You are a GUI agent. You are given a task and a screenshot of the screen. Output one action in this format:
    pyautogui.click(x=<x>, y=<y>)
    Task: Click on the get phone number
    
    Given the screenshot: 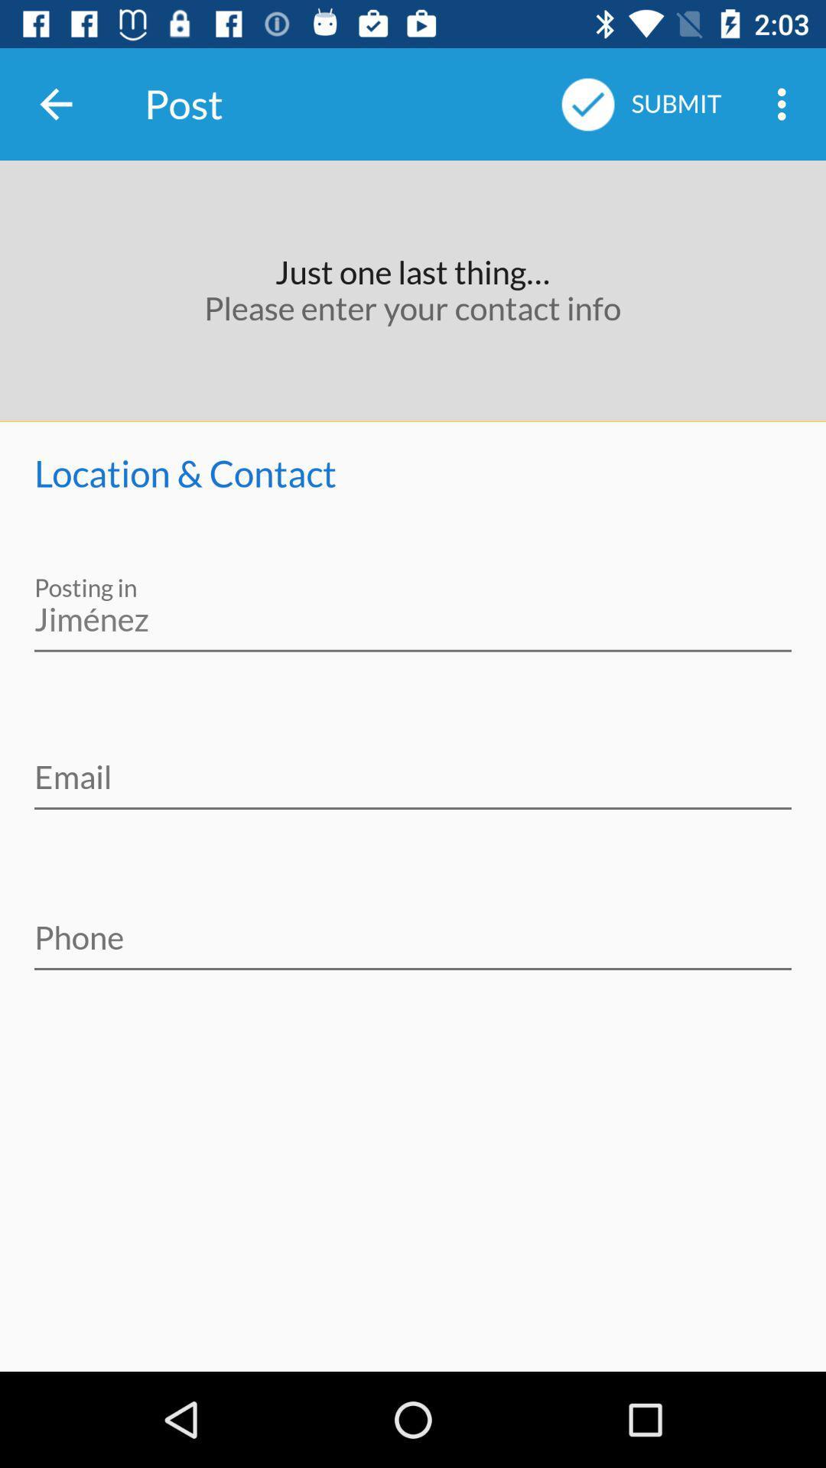 What is the action you would take?
    pyautogui.click(x=413, y=927)
    